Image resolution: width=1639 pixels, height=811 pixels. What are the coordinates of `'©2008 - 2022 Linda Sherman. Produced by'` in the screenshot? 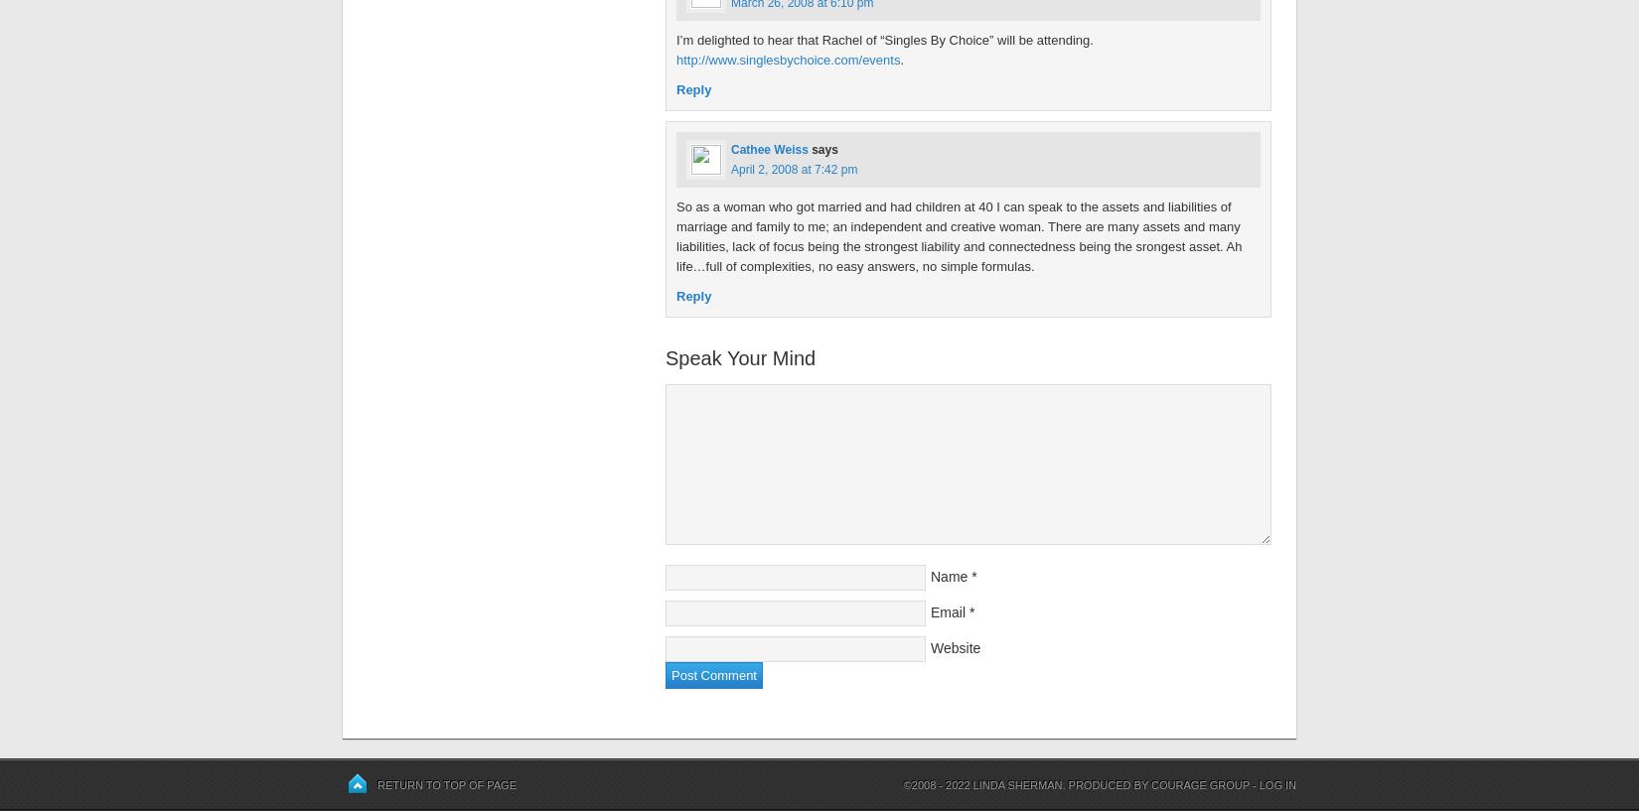 It's located at (1027, 785).